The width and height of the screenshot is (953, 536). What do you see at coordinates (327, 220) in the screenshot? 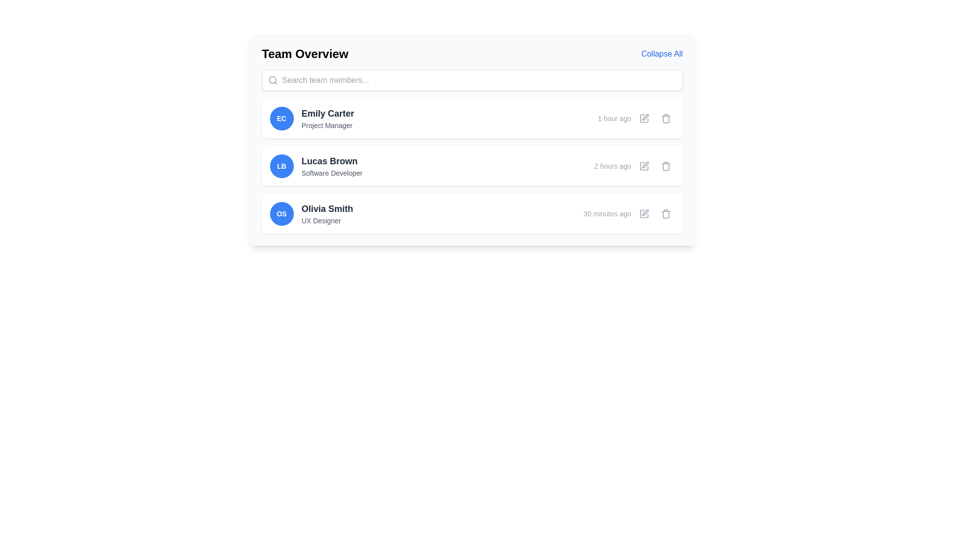
I see `the text label displaying 'UX Designer' associated with Olivia Smith, positioned below the name and to the right of the circular badge` at bounding box center [327, 220].